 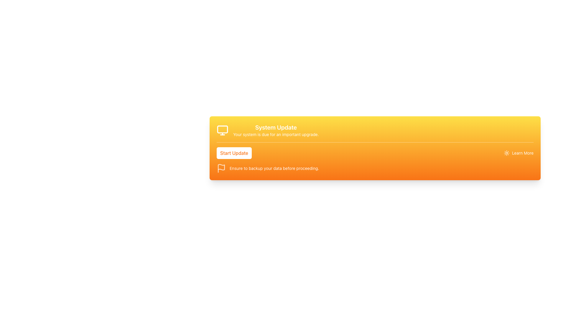 I want to click on the system update button located near the left edge of its group to initiate the update process, so click(x=234, y=153).